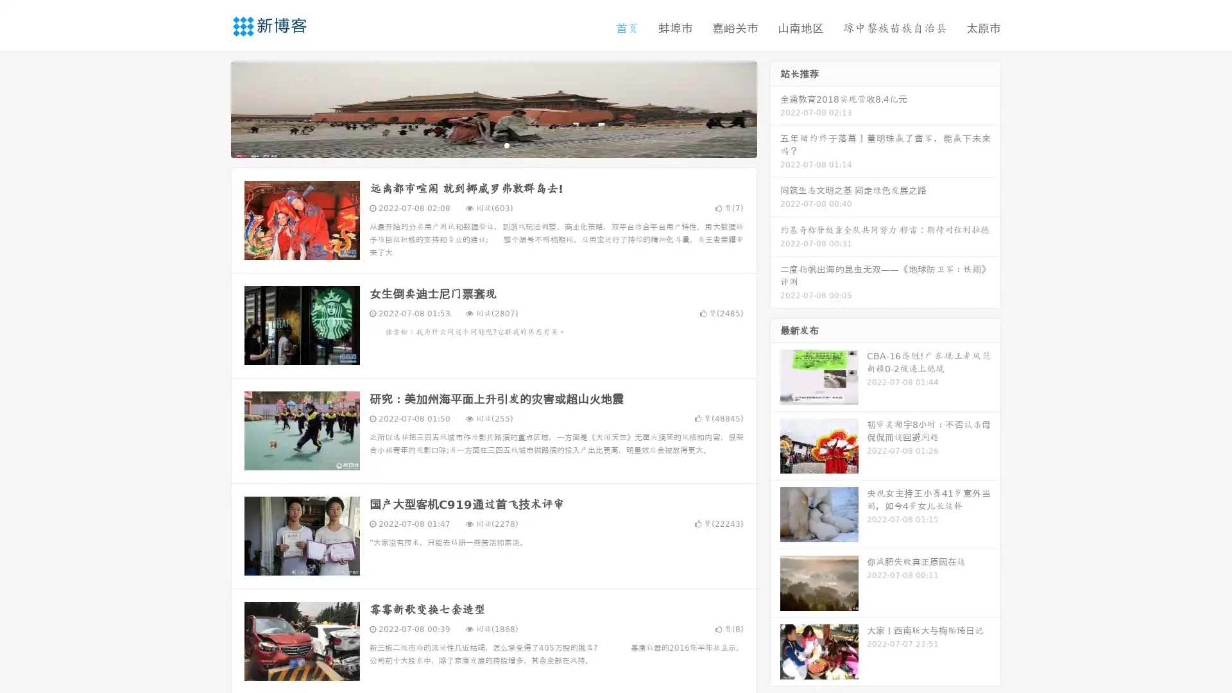 The width and height of the screenshot is (1232, 693). I want to click on Go to slide 3, so click(506, 144).